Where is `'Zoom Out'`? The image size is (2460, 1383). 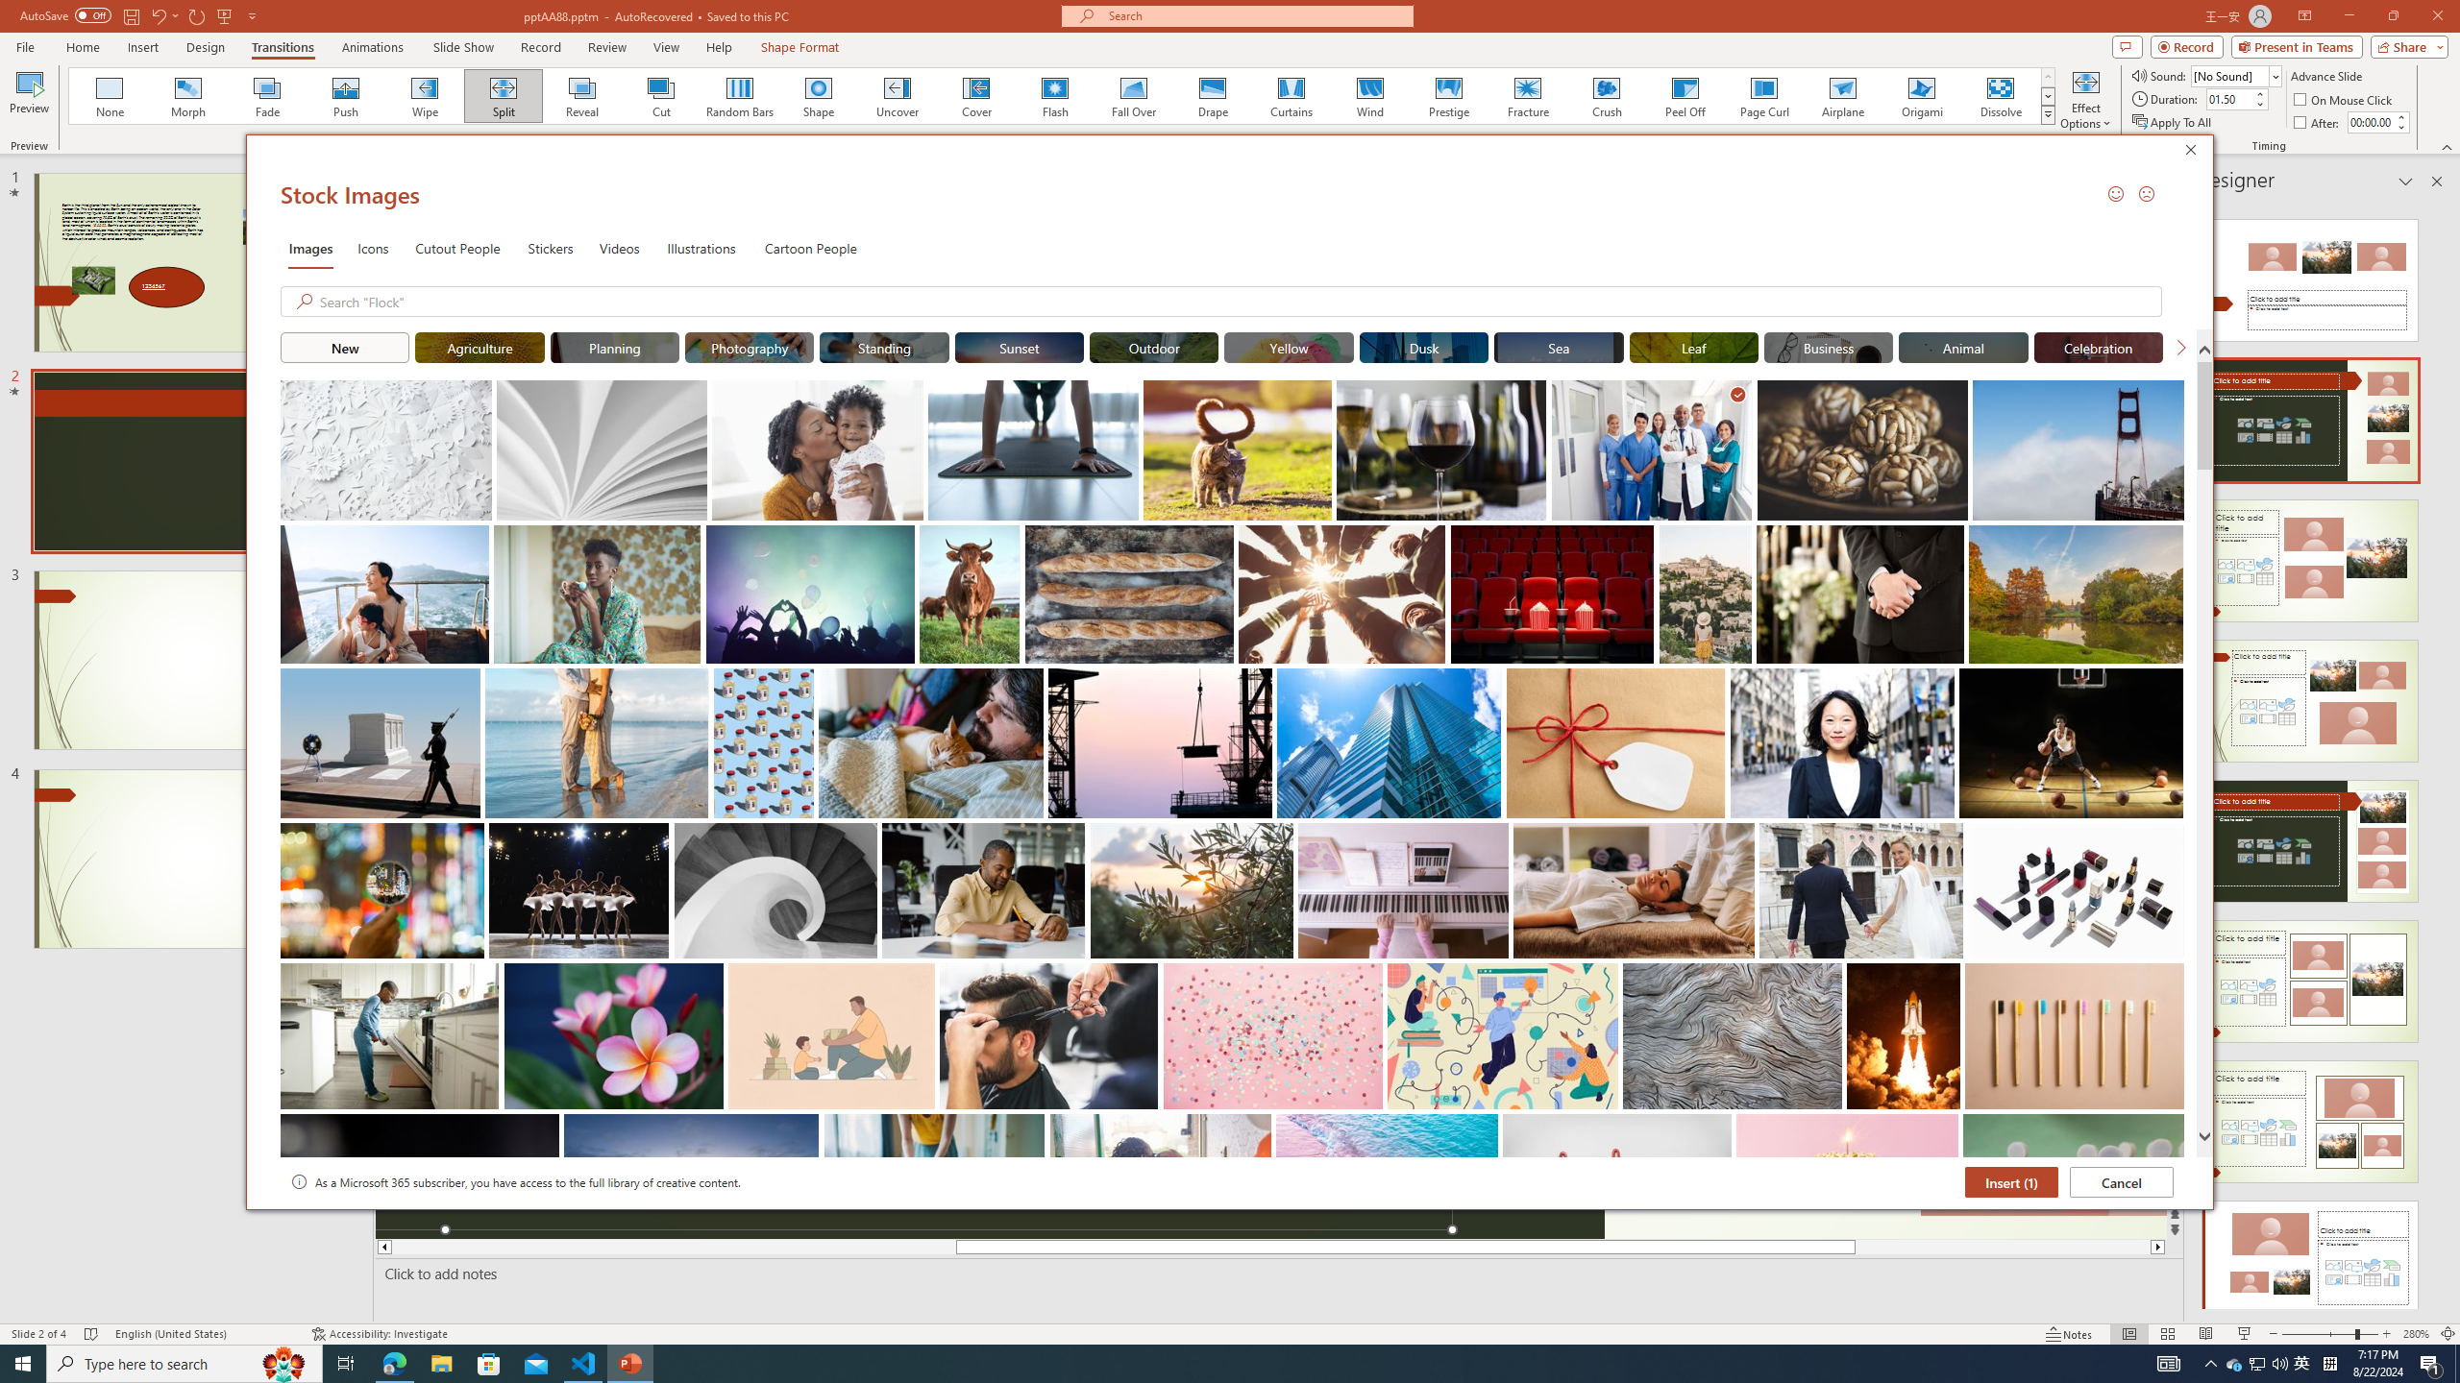
'Zoom Out' is located at coordinates (2318, 1334).